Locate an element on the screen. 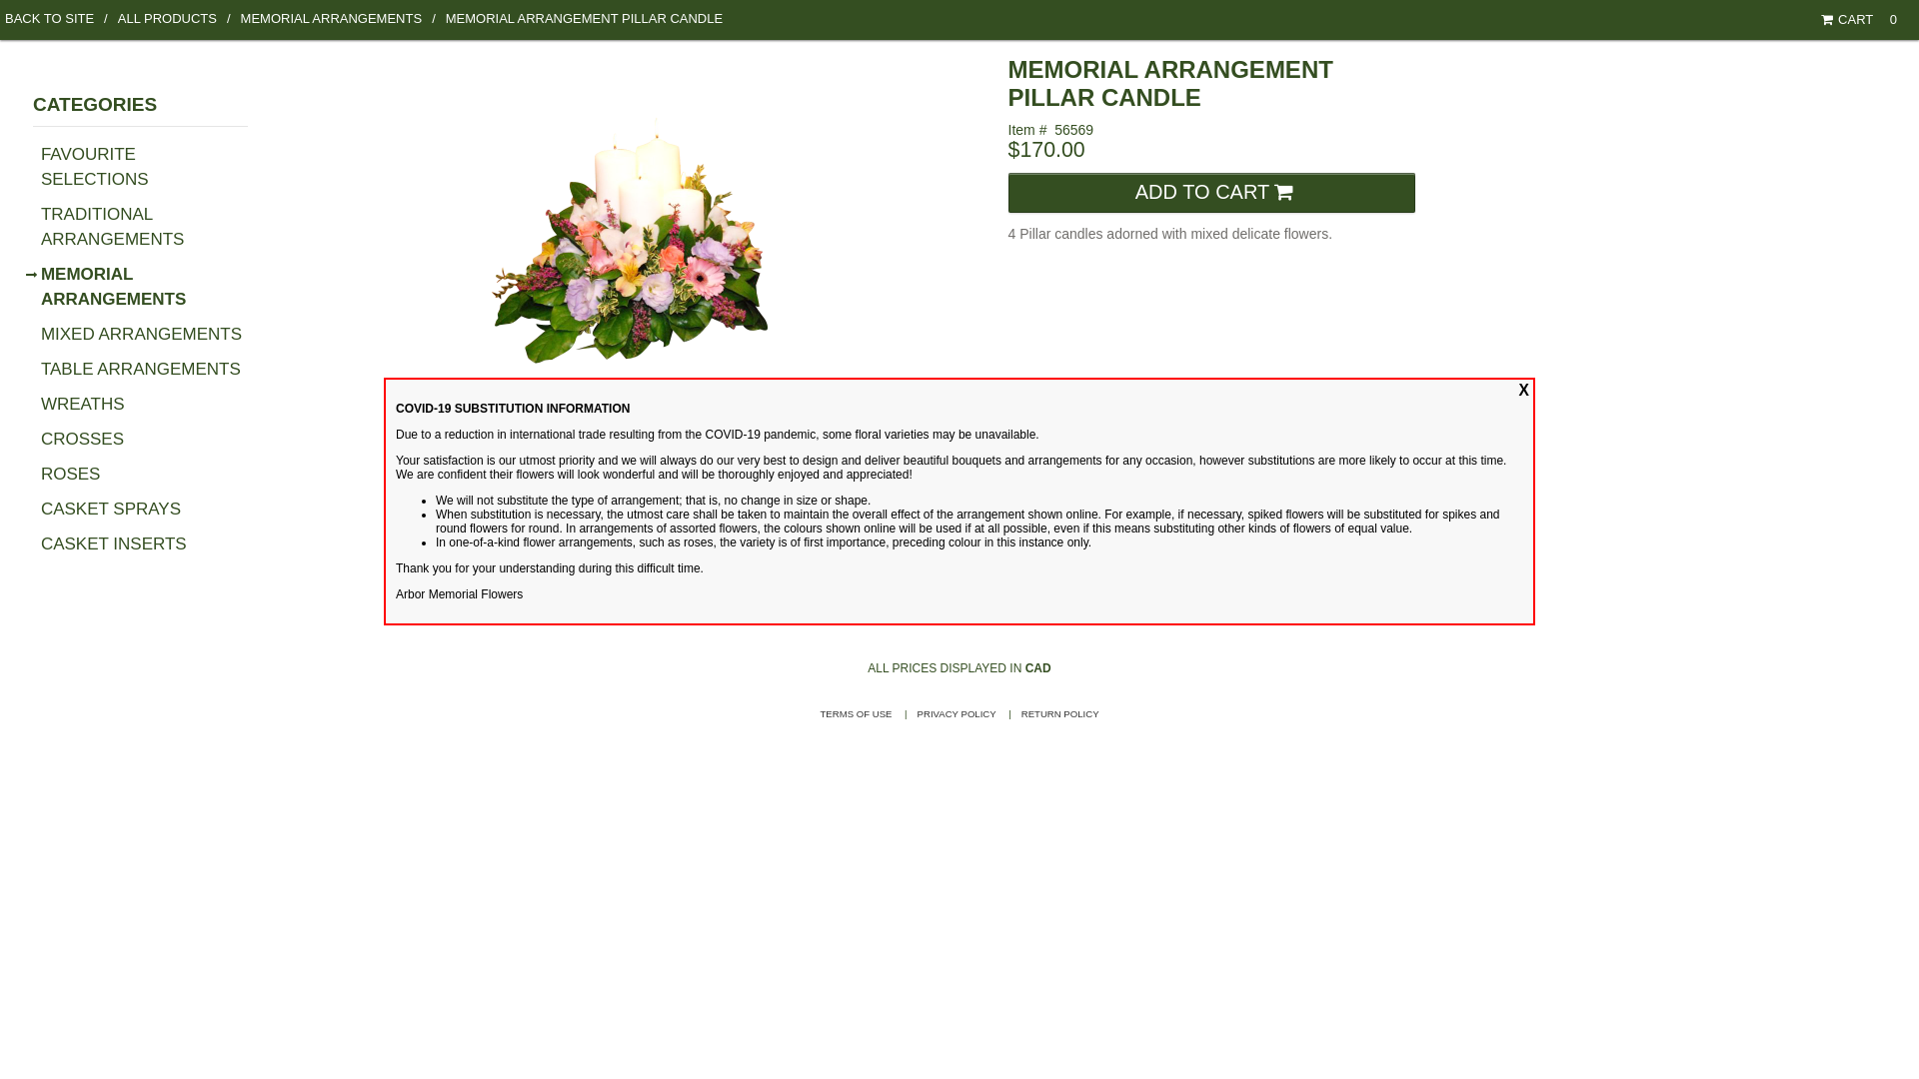  'MEMORIAL ARRANGEMENTS' is located at coordinates (338, 18).